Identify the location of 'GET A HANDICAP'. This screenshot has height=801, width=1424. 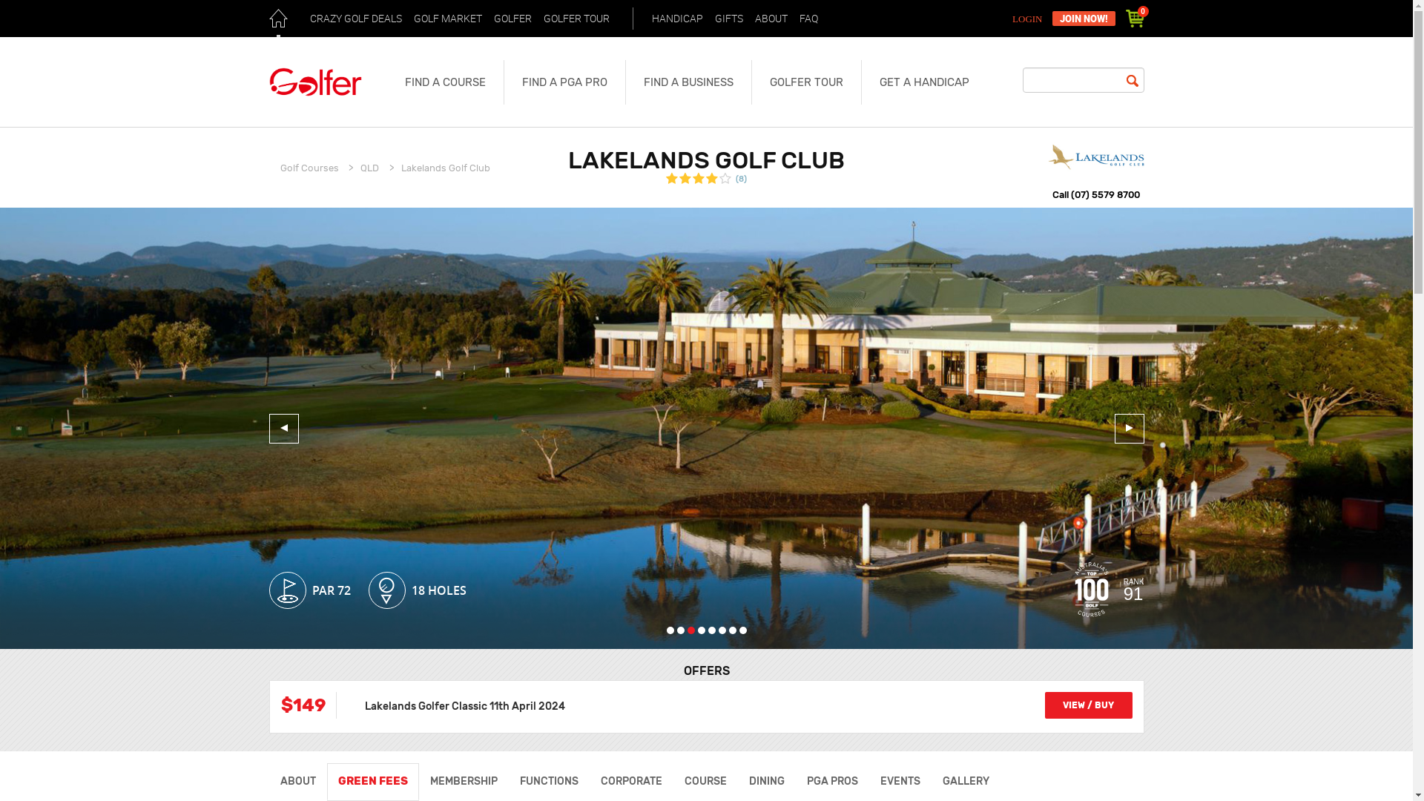
(923, 82).